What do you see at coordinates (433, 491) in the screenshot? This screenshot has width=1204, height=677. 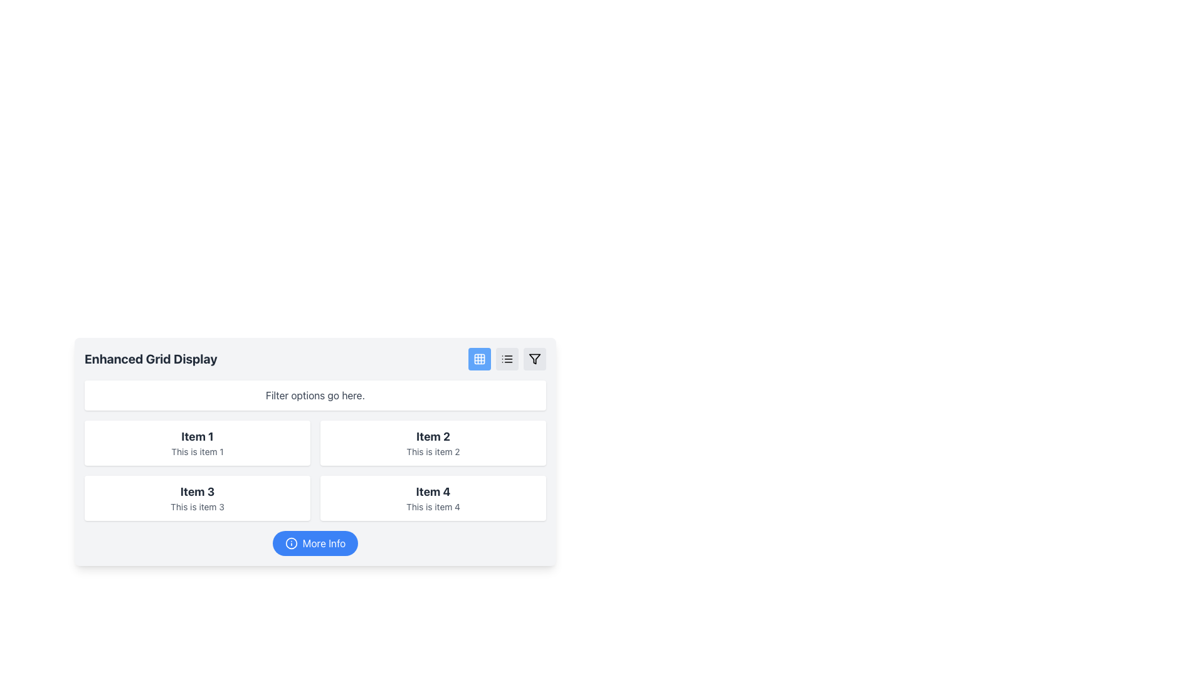 I see `the text label in the second row, fourth column of the grid layout, which likely represents a category or item name` at bounding box center [433, 491].